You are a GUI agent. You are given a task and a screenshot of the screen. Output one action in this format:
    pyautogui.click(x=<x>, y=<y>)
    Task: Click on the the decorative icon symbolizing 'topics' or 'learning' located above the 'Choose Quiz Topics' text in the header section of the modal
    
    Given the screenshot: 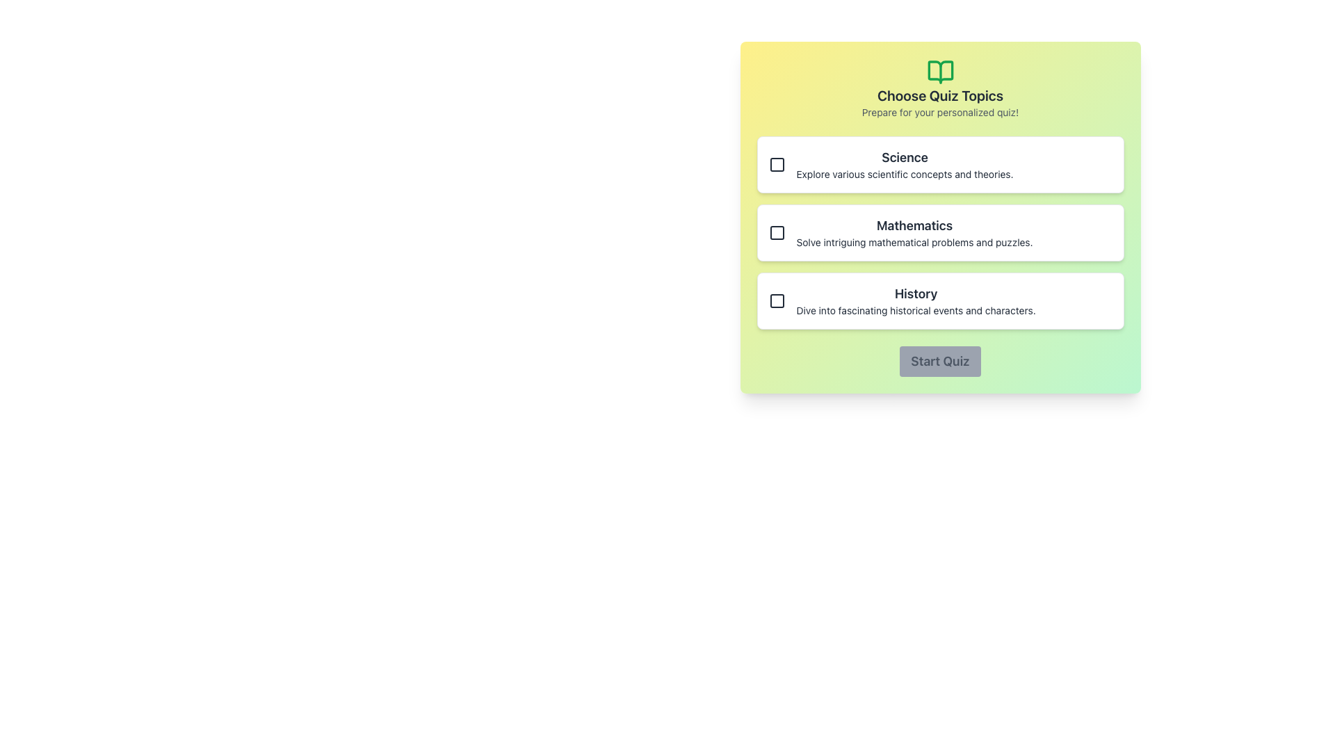 What is the action you would take?
    pyautogui.click(x=940, y=72)
    